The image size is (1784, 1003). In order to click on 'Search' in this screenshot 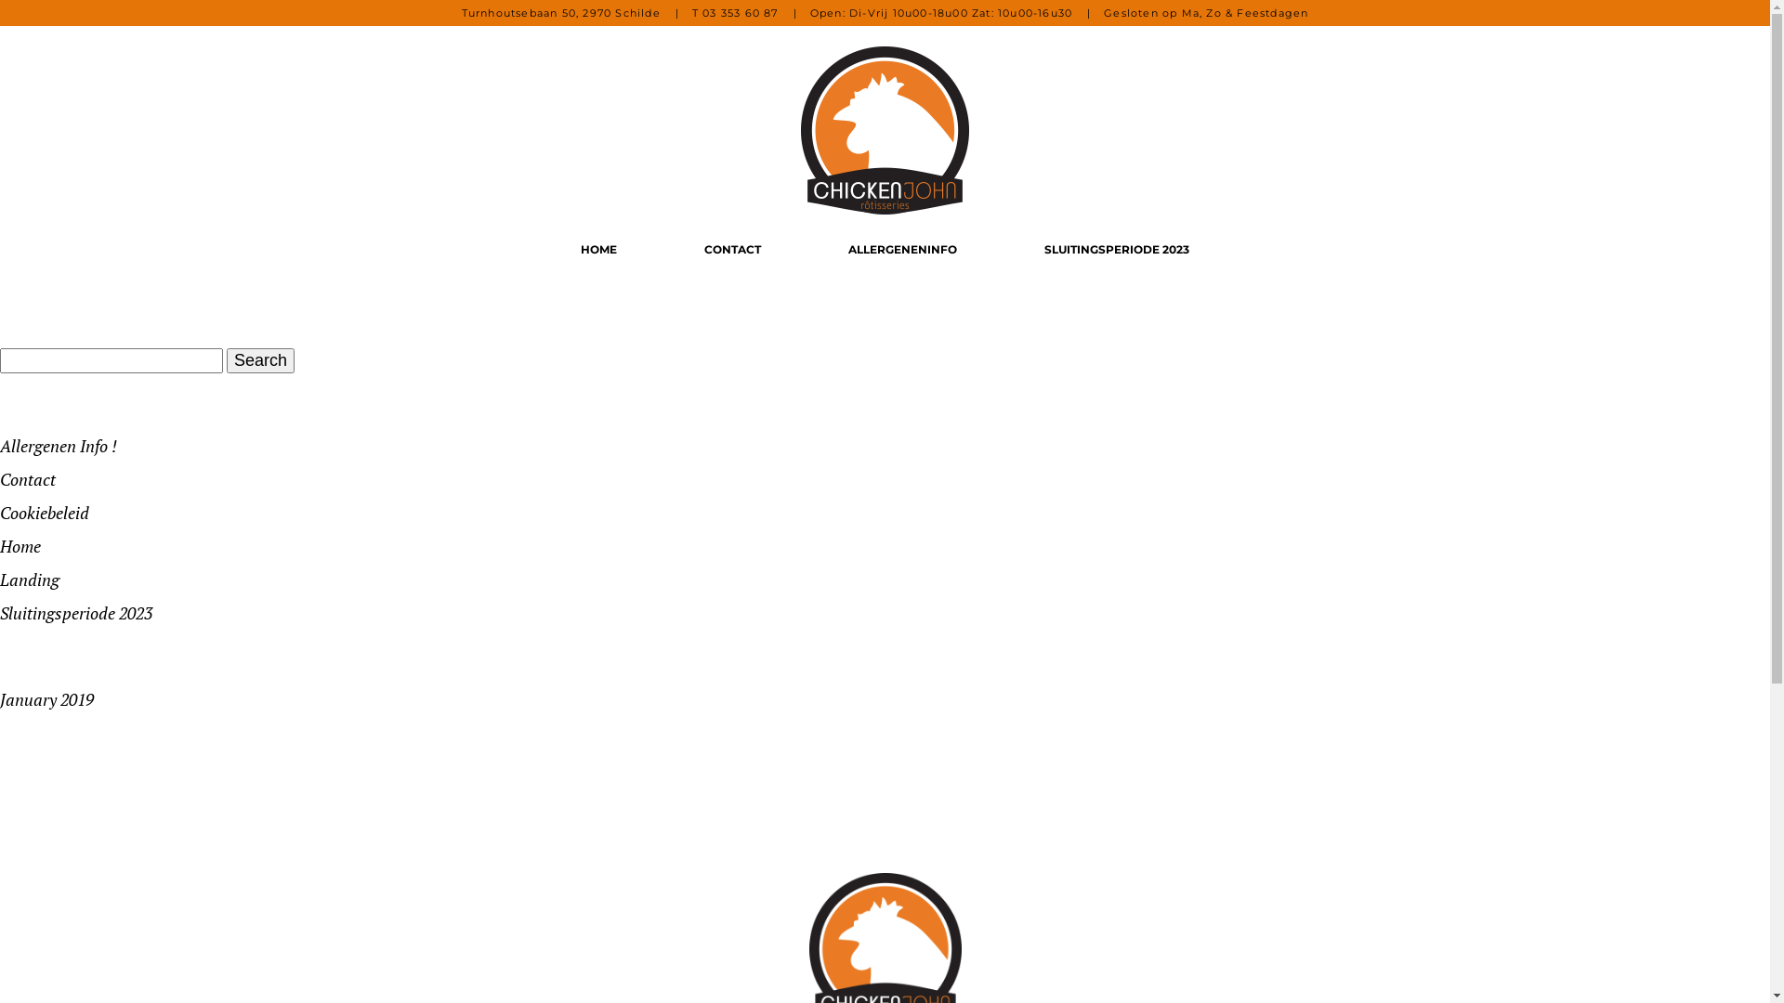, I will do `click(259, 360)`.